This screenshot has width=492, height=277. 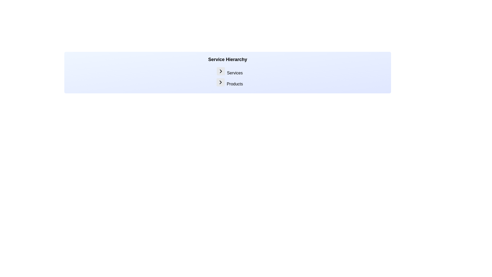 I want to click on the 'Services' text label, which is the first item in the vertical list under 'Service Hierarchy' and has a leftwards pointing chevron icon beside it, so click(x=229, y=72).